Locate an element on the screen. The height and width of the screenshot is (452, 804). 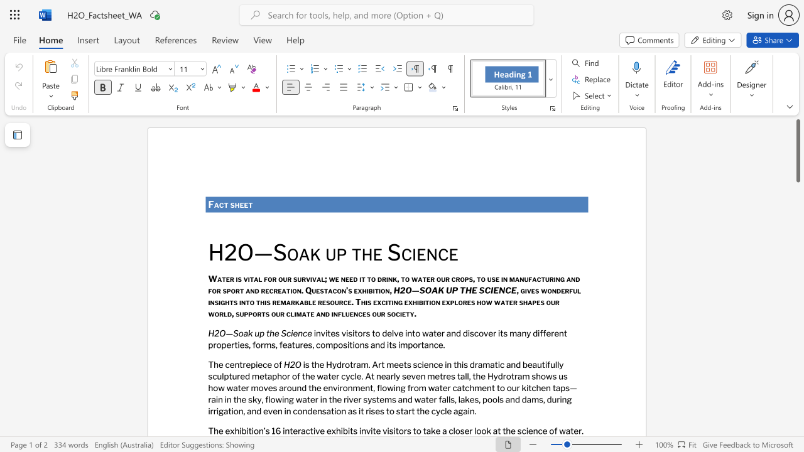
the scrollbar on the right to shift the page lower is located at coordinates (797, 301).